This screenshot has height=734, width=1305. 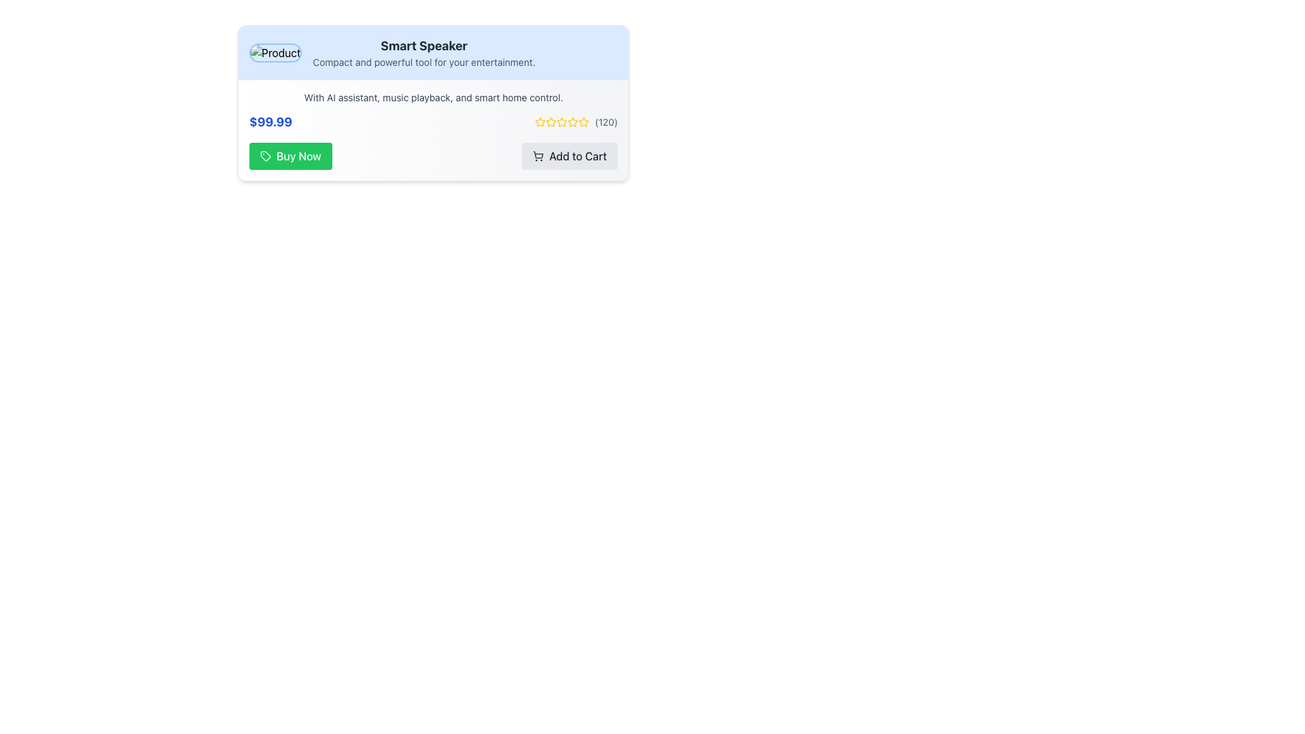 What do you see at coordinates (573, 121) in the screenshot?
I see `the third star icon in the product rating system to adjust the rating` at bounding box center [573, 121].